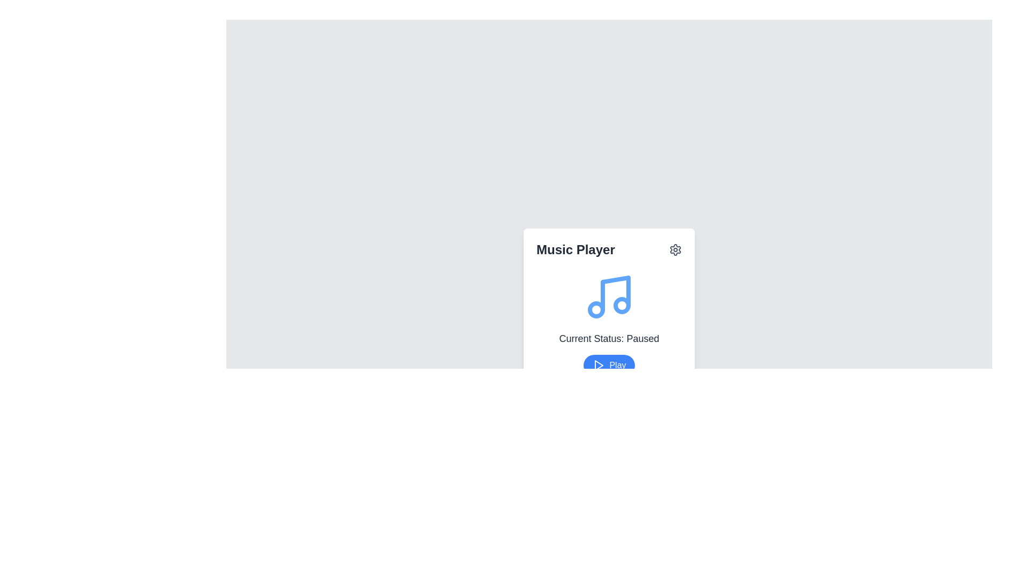 The image size is (1027, 578). I want to click on the 'Music Player' header label with the gear icon, so click(609, 249).